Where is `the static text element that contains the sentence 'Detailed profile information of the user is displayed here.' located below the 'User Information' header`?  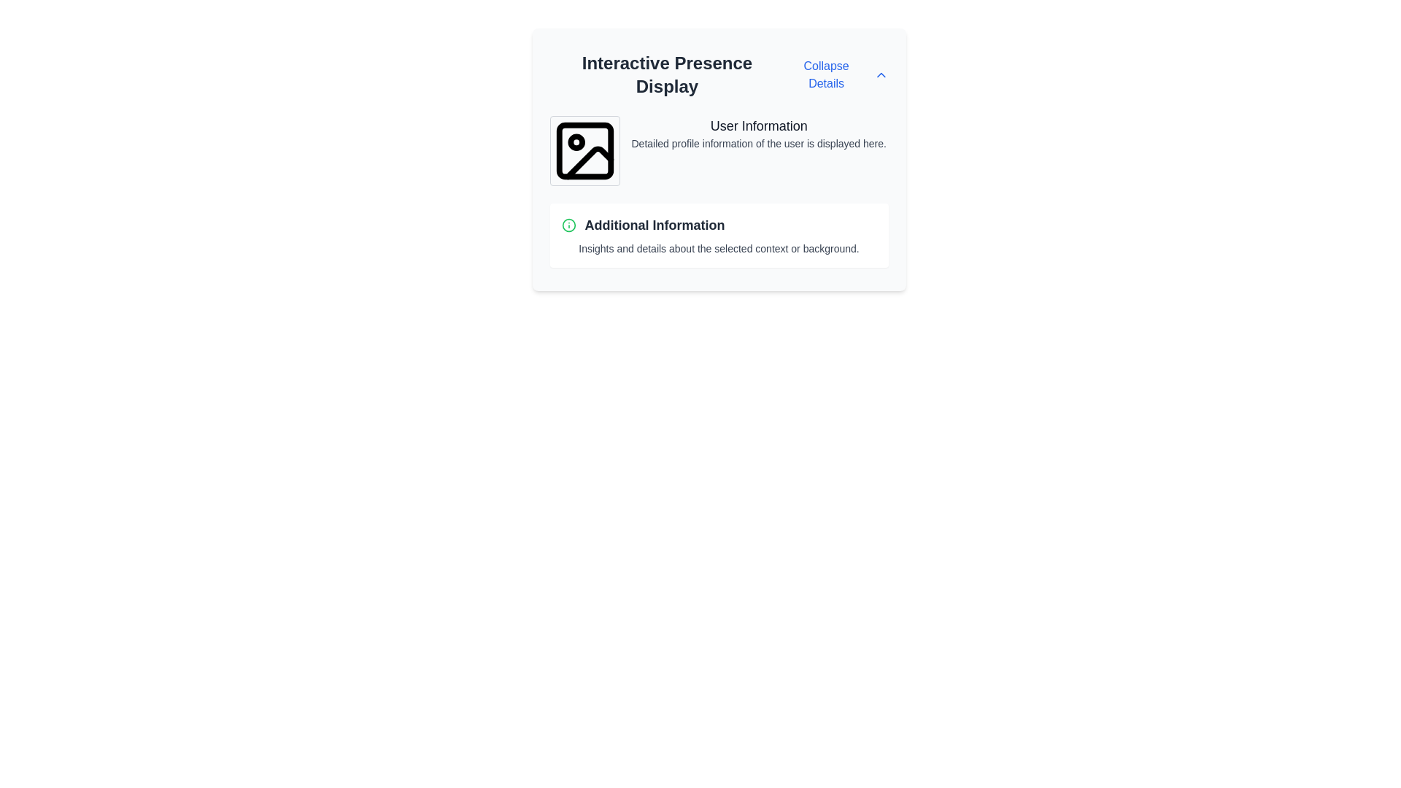 the static text element that contains the sentence 'Detailed profile information of the user is displayed here.' located below the 'User Information' header is located at coordinates (759, 143).